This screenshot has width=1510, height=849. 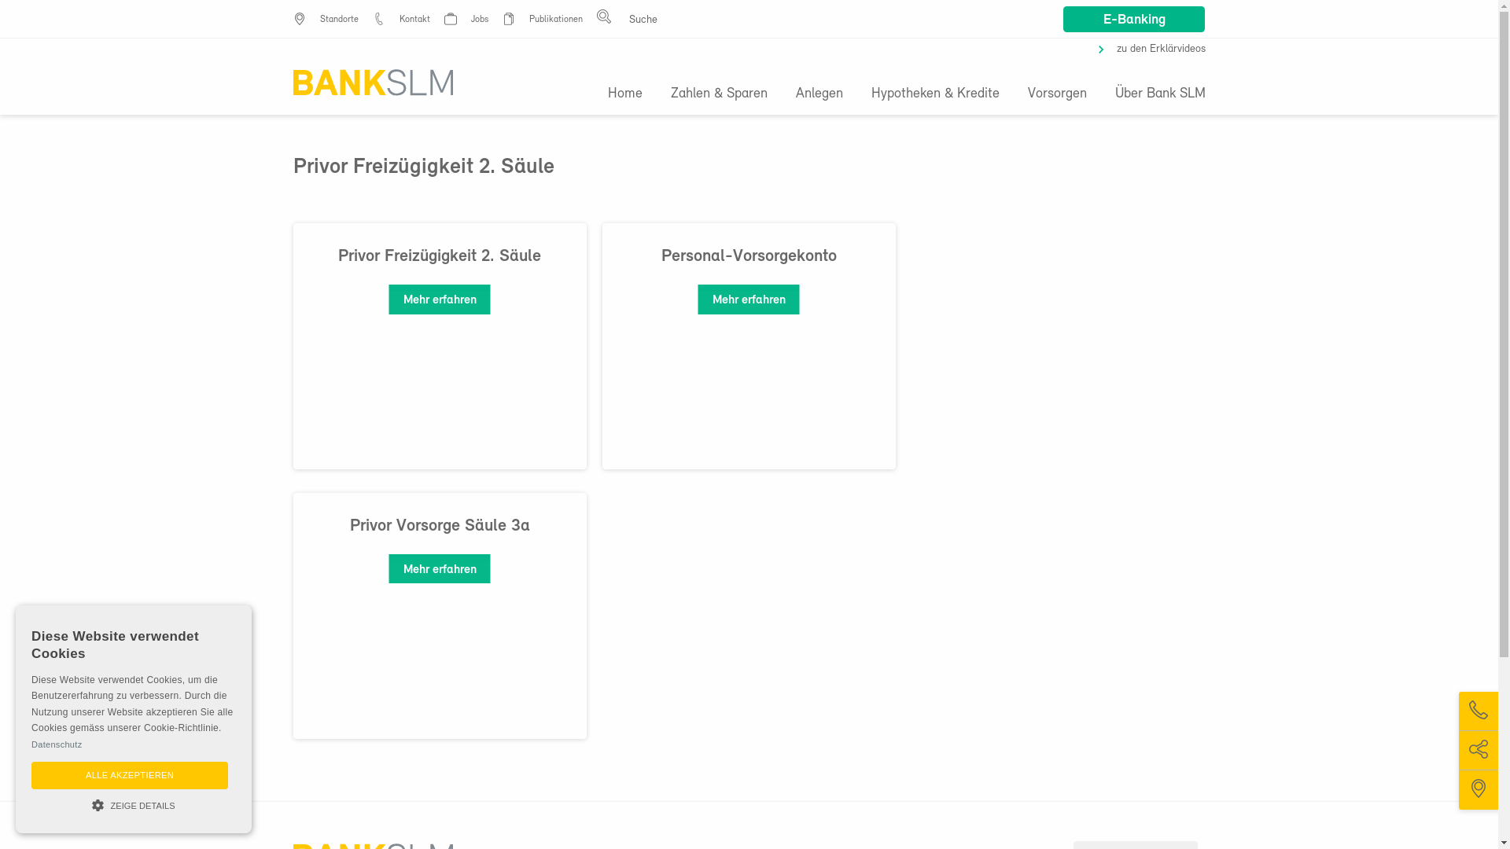 What do you see at coordinates (656, 94) in the screenshot?
I see `'Zahlen & Sparen'` at bounding box center [656, 94].